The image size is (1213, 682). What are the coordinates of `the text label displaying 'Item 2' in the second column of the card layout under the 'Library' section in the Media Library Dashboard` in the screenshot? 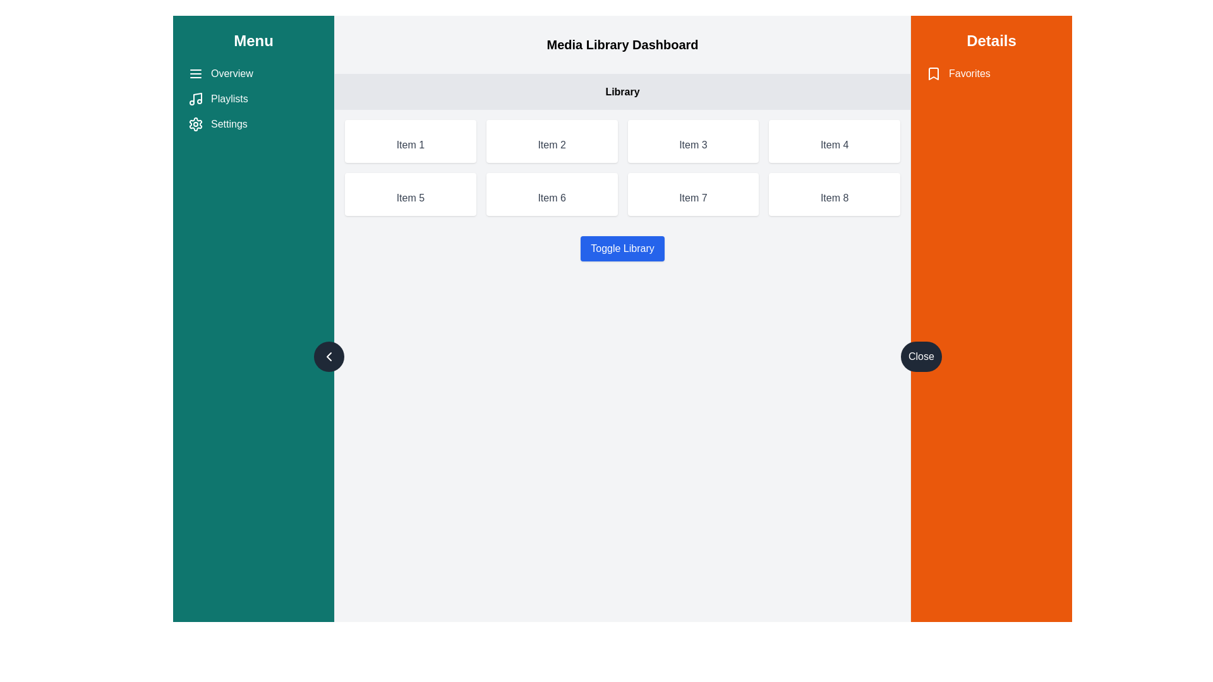 It's located at (552, 145).